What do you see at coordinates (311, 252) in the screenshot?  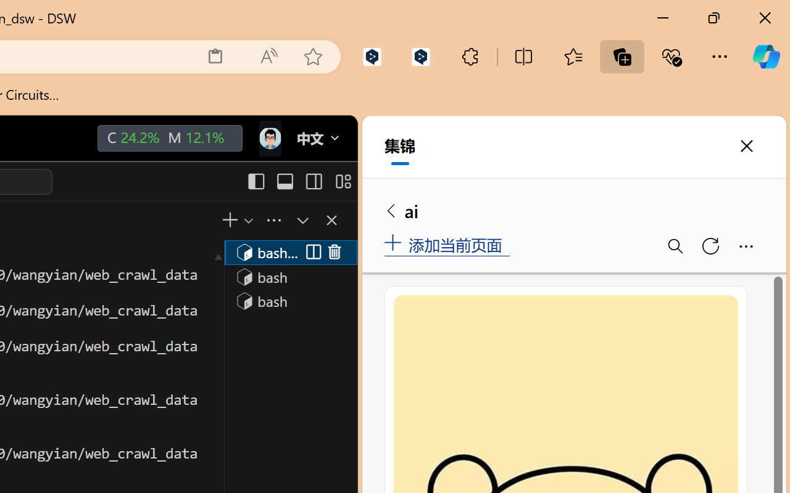 I see `'Split (Ctrl+Shift+5)'` at bounding box center [311, 252].